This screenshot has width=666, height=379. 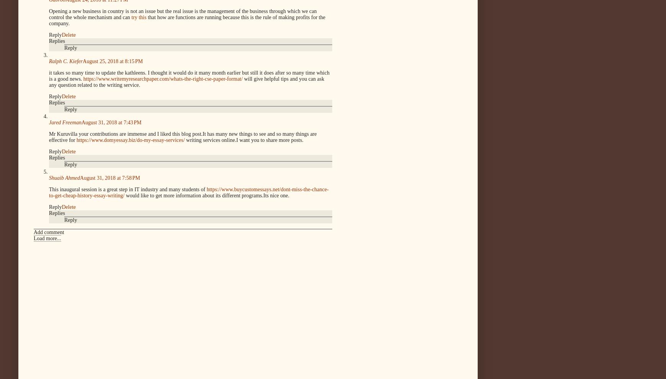 I want to click on 'would like to get more information about its different programs.Its nice one.', so click(x=124, y=195).